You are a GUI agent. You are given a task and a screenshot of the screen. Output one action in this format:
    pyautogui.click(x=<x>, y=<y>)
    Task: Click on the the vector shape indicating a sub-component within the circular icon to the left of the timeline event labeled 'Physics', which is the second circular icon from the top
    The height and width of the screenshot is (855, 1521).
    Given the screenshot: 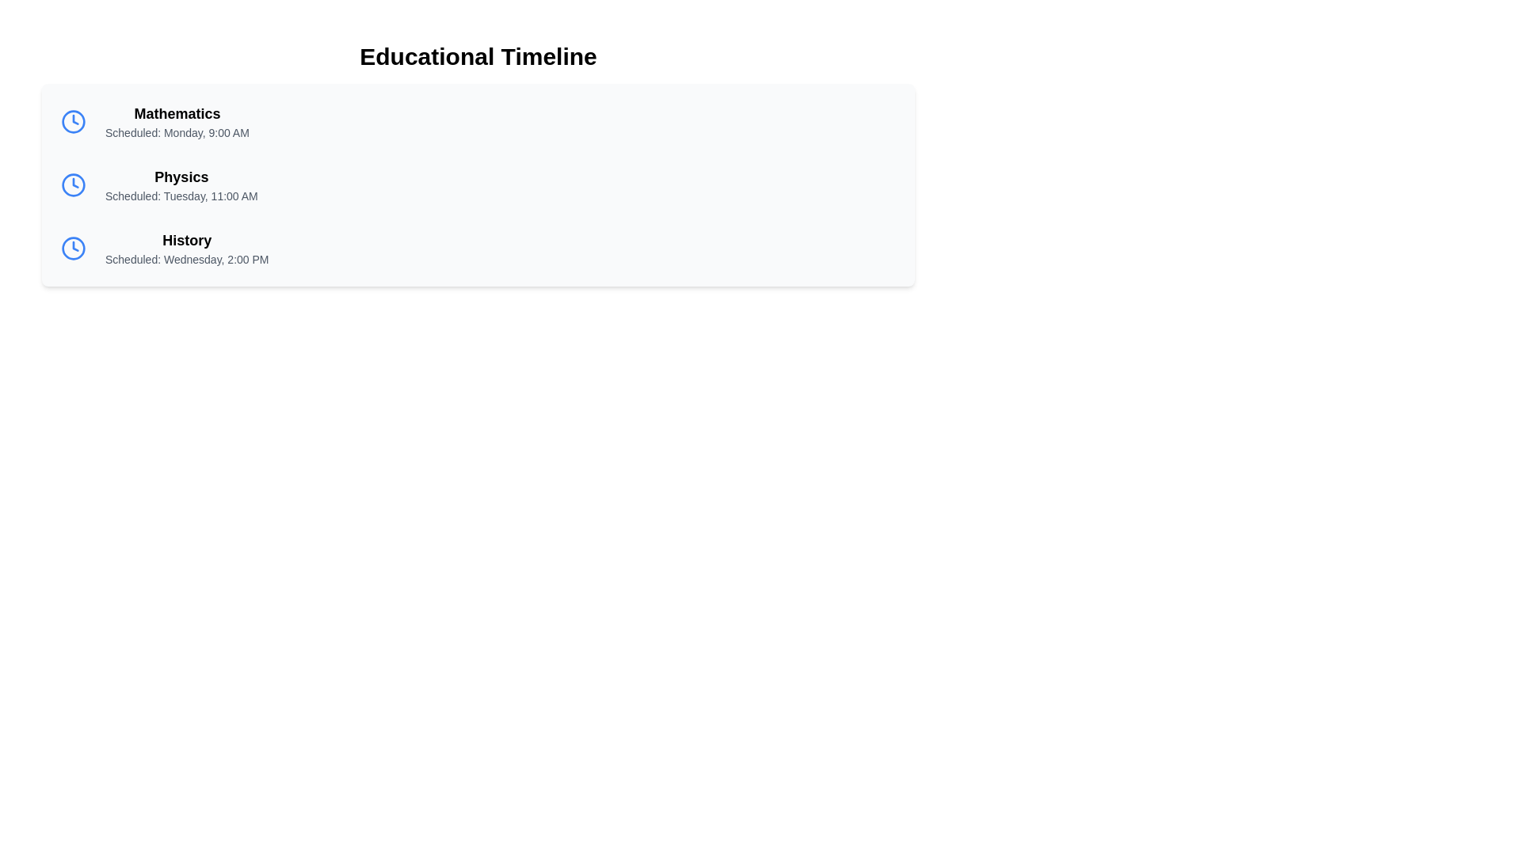 What is the action you would take?
    pyautogui.click(x=74, y=182)
    